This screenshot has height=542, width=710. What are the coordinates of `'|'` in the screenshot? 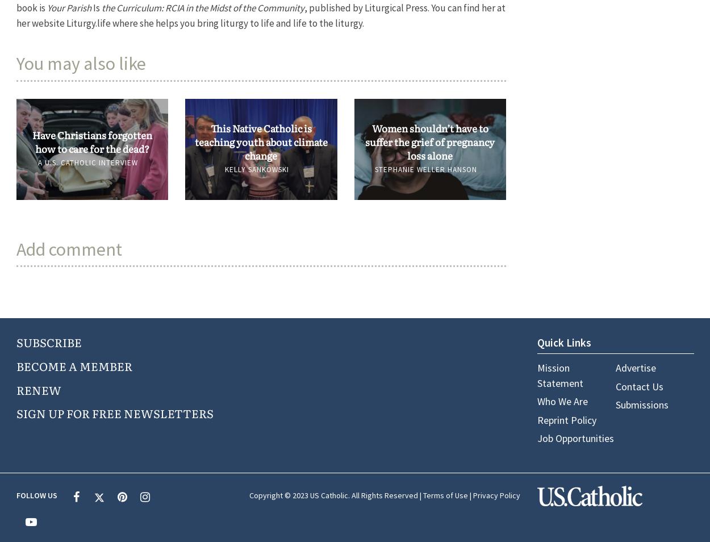 It's located at (469, 495).